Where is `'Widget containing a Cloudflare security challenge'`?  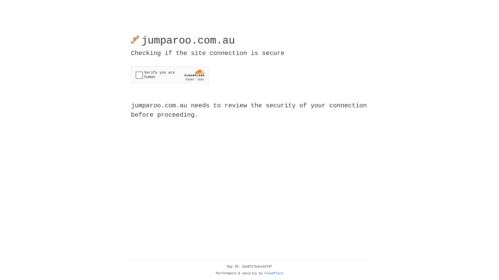
'Widget containing a Cloudflare security challenge' is located at coordinates (170, 75).